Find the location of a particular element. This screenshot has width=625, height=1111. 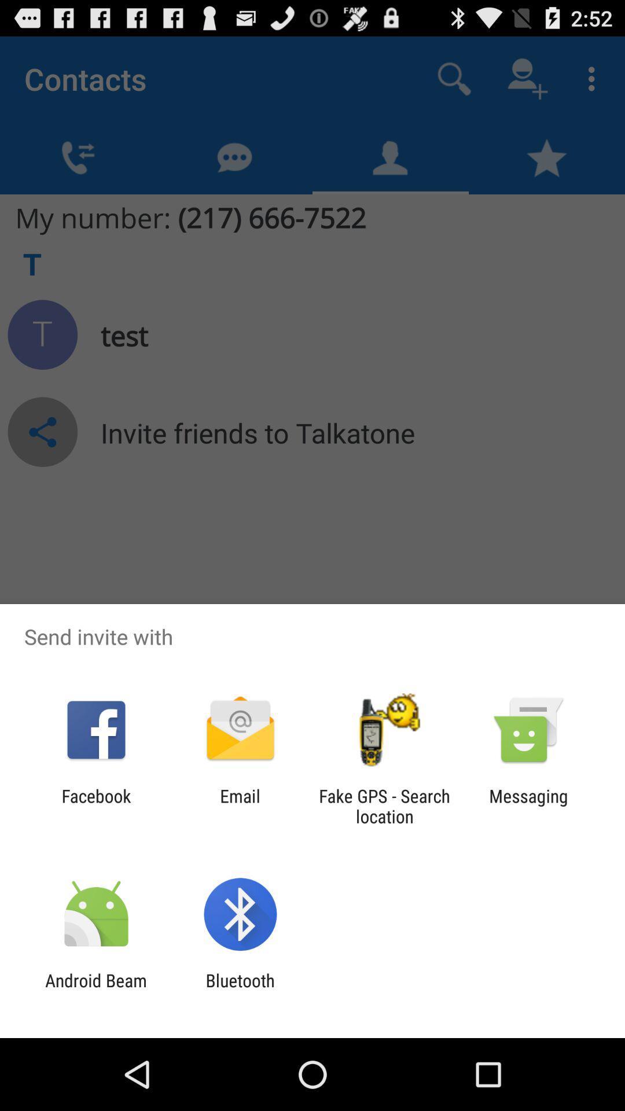

app to the left of bluetooth is located at coordinates (95, 990).